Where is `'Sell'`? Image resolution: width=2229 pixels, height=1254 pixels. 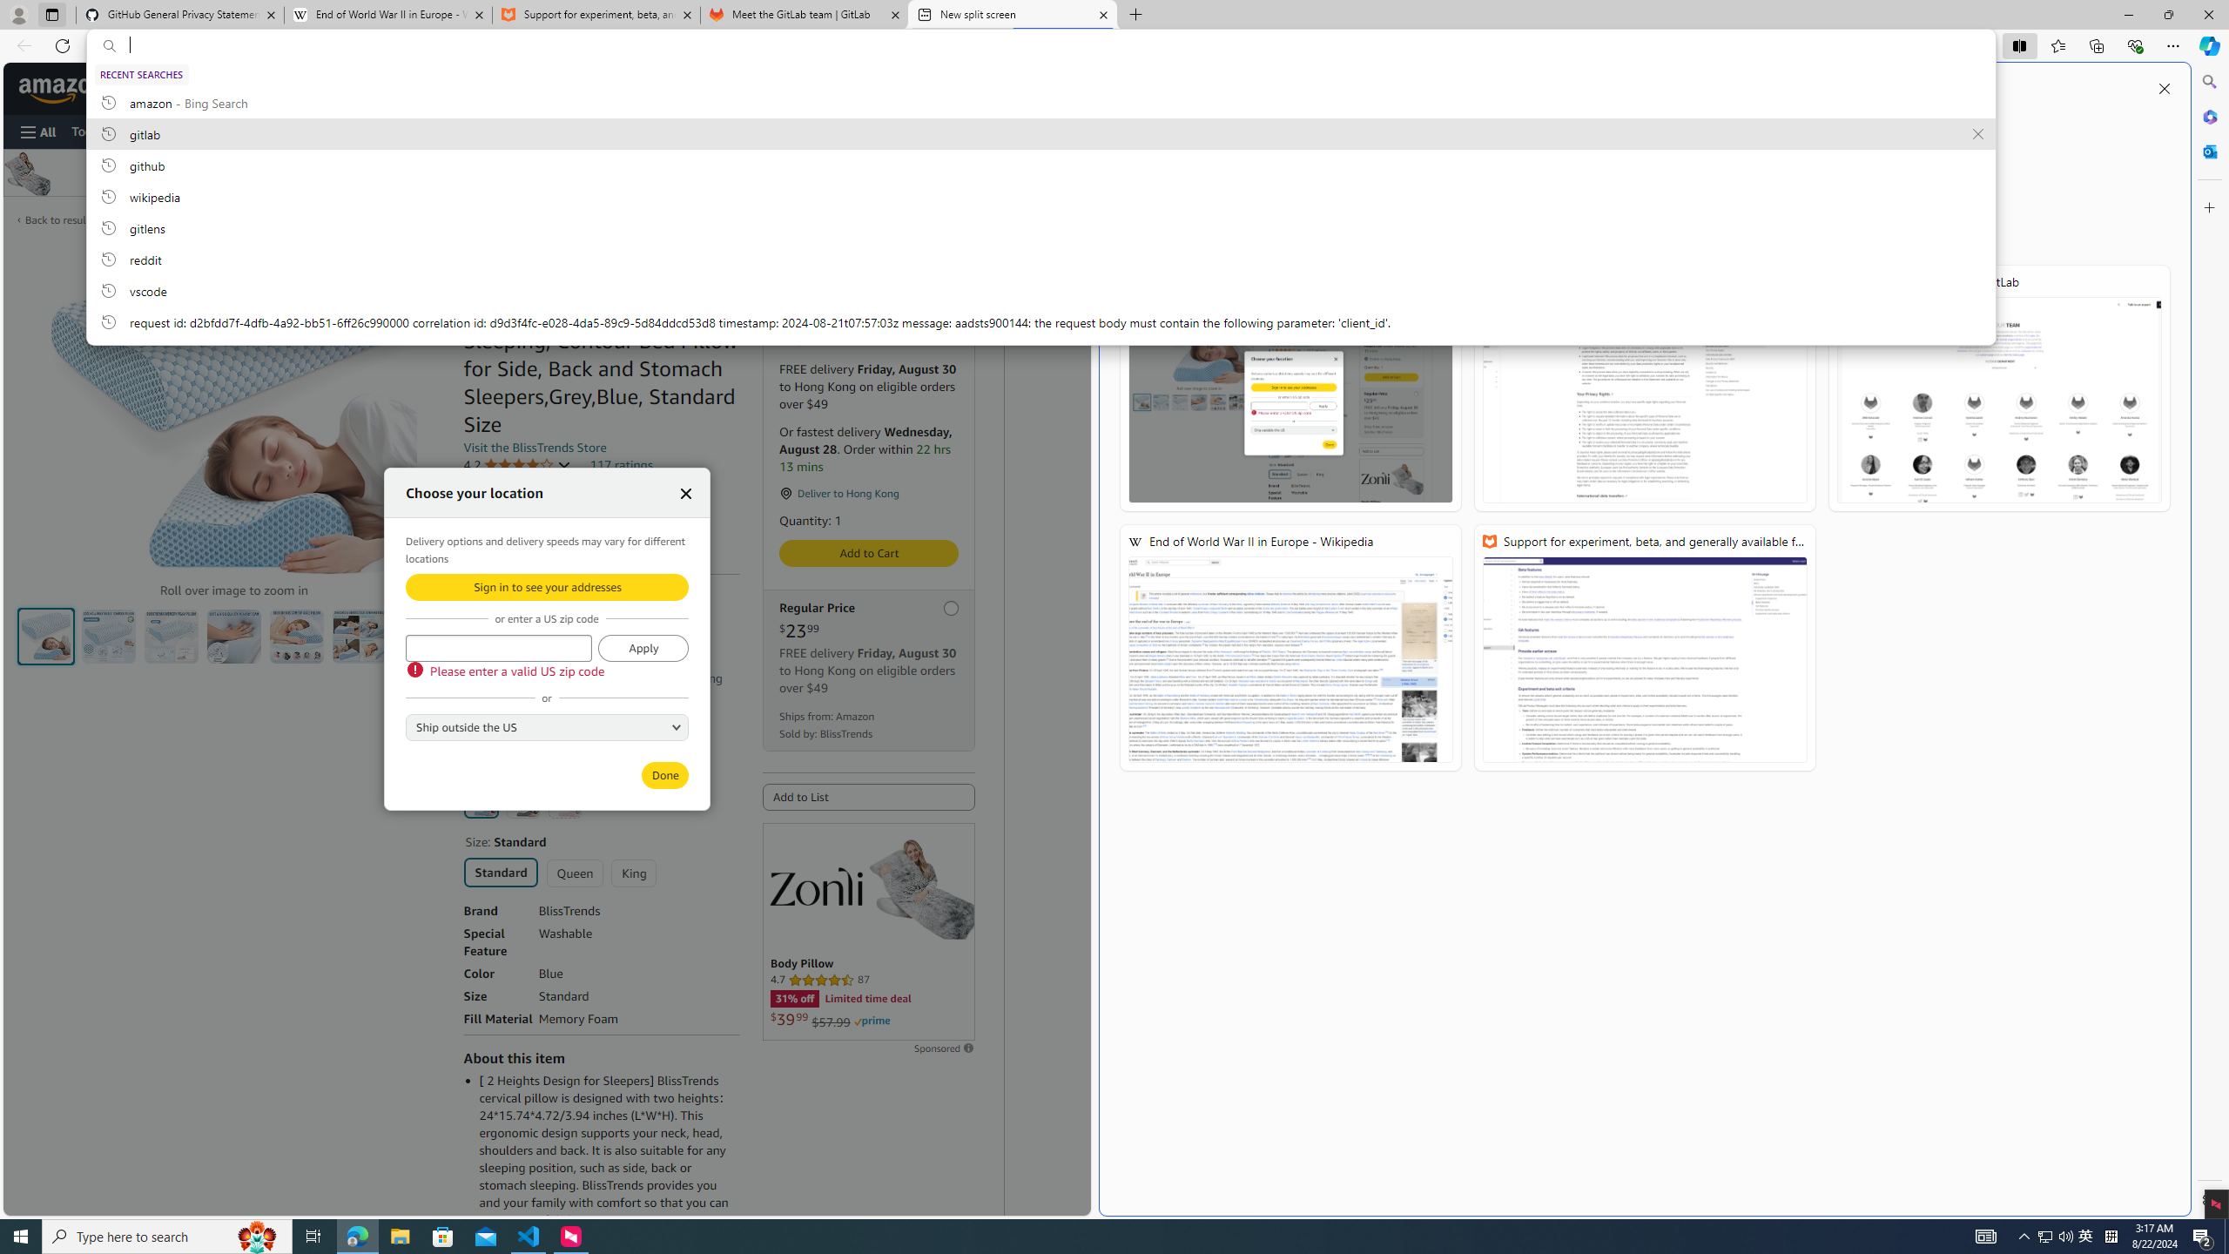
'Sell' is located at coordinates (414, 131).